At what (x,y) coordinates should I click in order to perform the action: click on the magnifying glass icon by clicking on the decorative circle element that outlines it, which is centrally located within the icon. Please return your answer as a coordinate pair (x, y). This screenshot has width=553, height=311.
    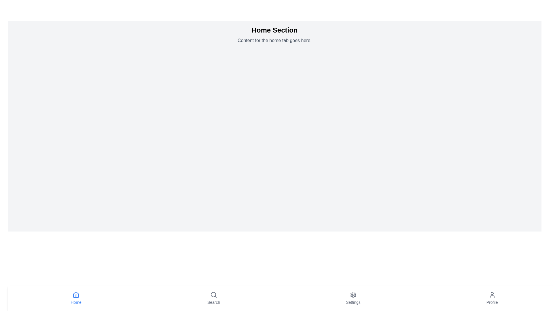
    Looking at the image, I should click on (213, 294).